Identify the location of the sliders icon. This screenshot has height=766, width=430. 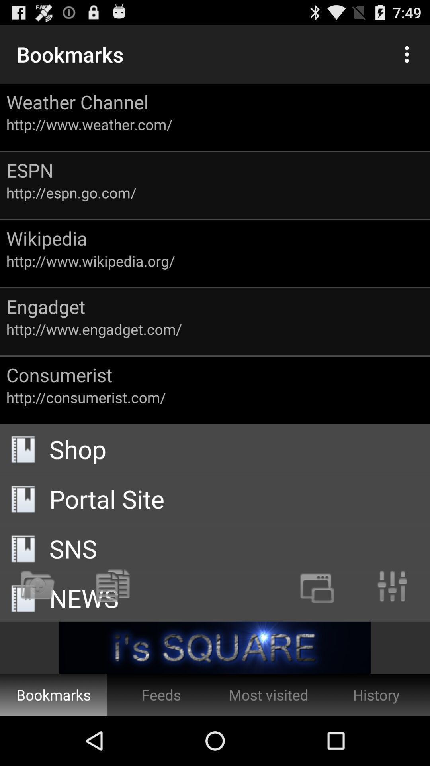
(392, 626).